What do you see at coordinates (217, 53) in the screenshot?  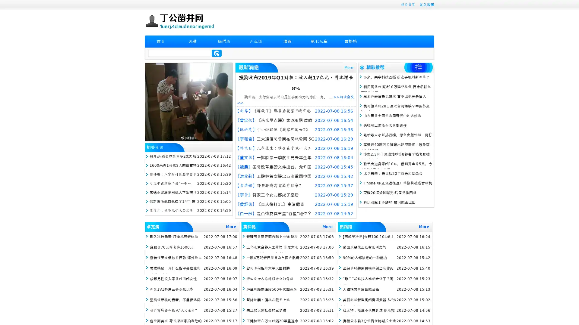 I see `Search` at bounding box center [217, 53].